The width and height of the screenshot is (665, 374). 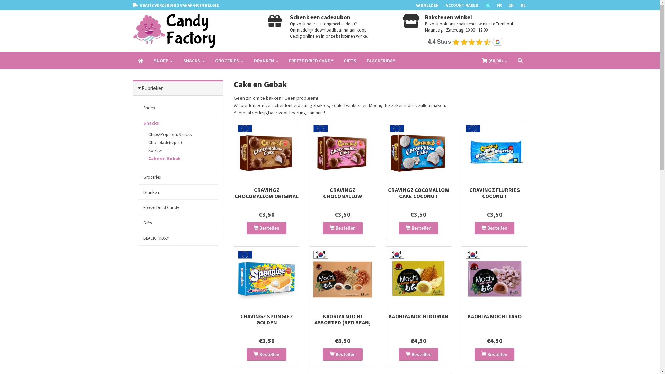 I want to click on 'Chocolade(repen)', so click(x=142, y=142).